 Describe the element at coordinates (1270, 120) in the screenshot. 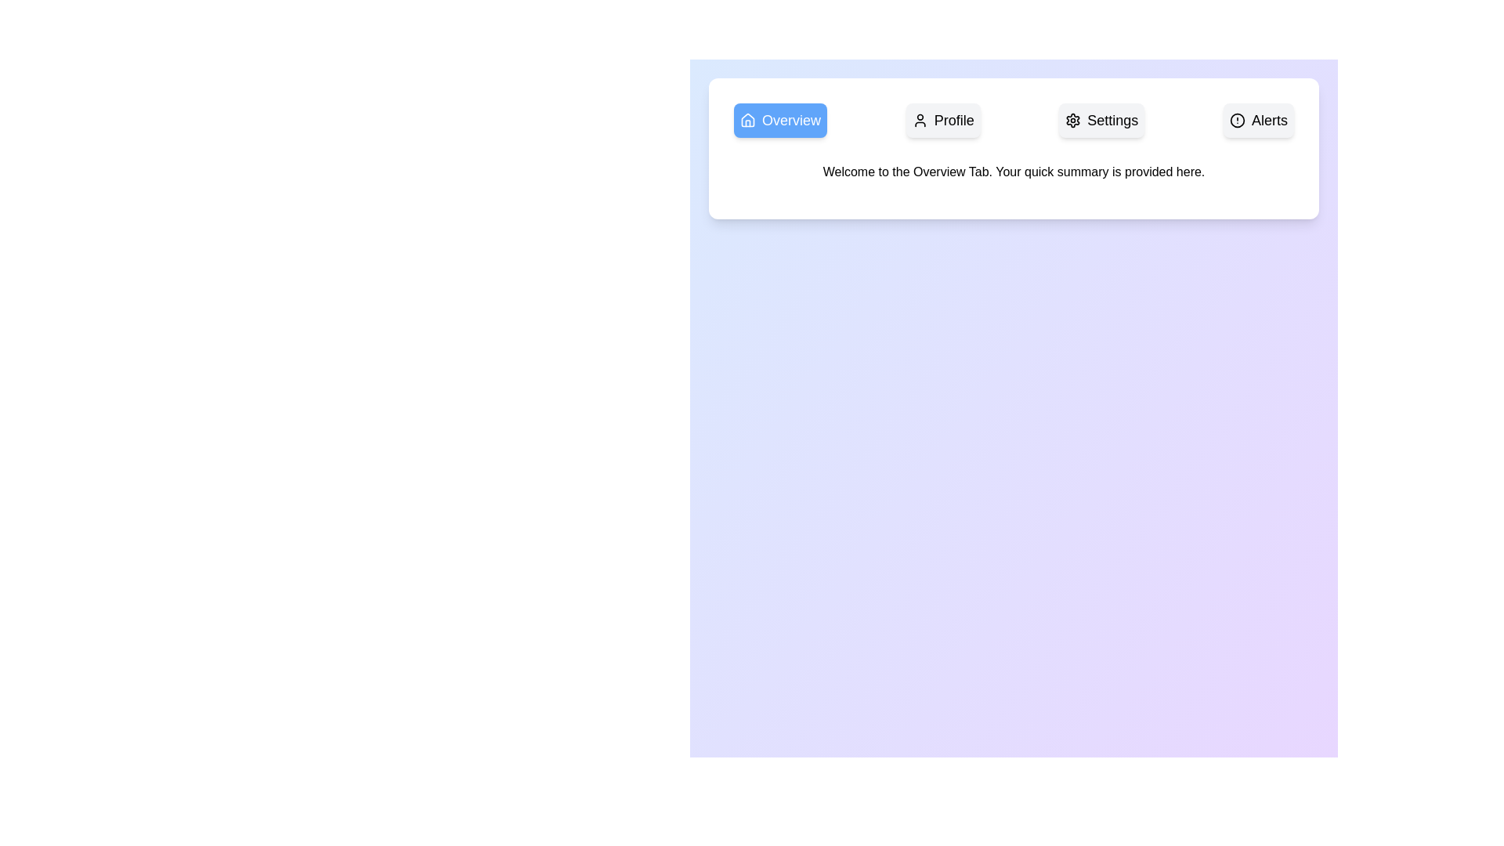

I see `the static text label 'Alerts' which is the last element in the horizontal menu, adjacent to the circular alert icon` at that location.